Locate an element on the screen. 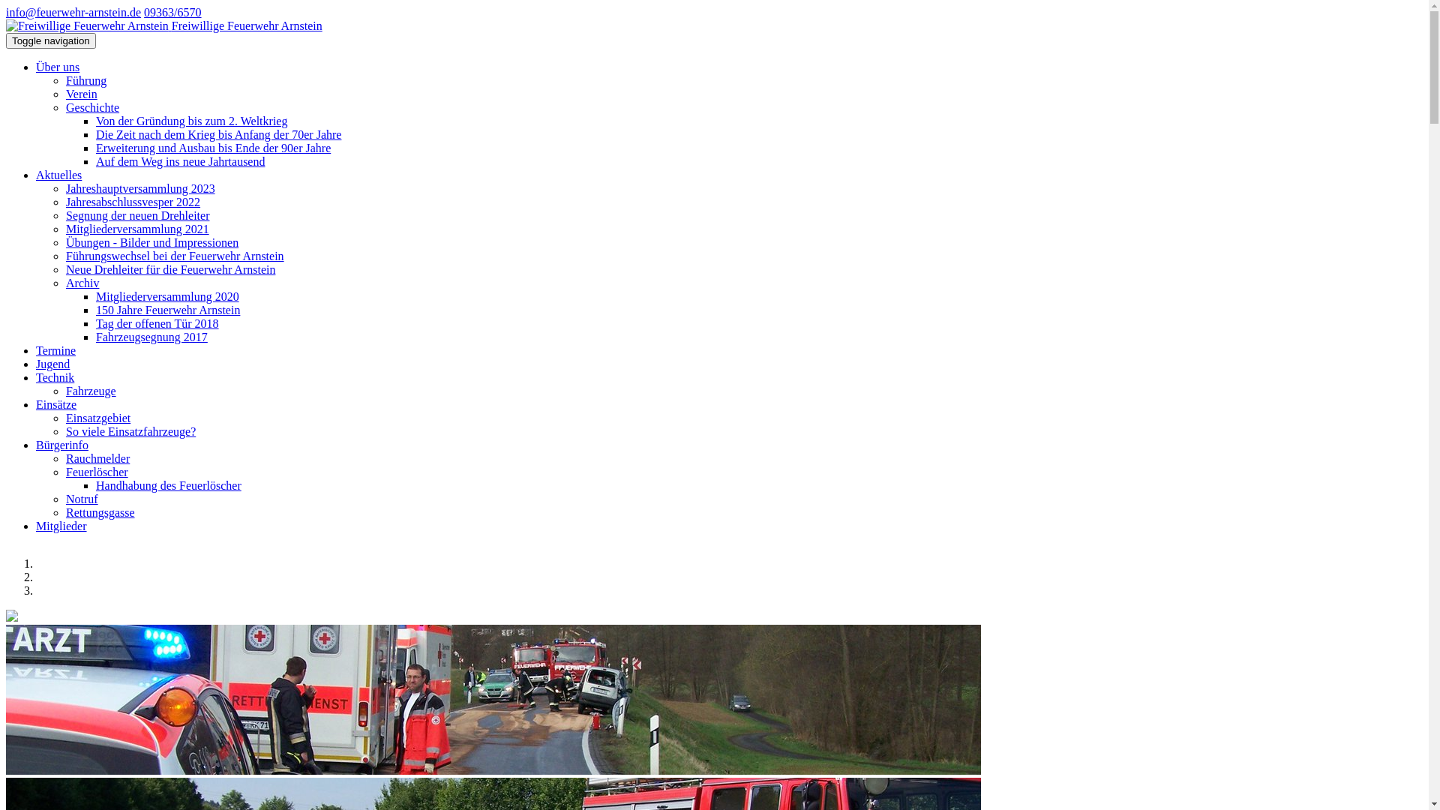 The height and width of the screenshot is (810, 1440). 'Jahreshauptversammlung 2023' is located at coordinates (140, 187).